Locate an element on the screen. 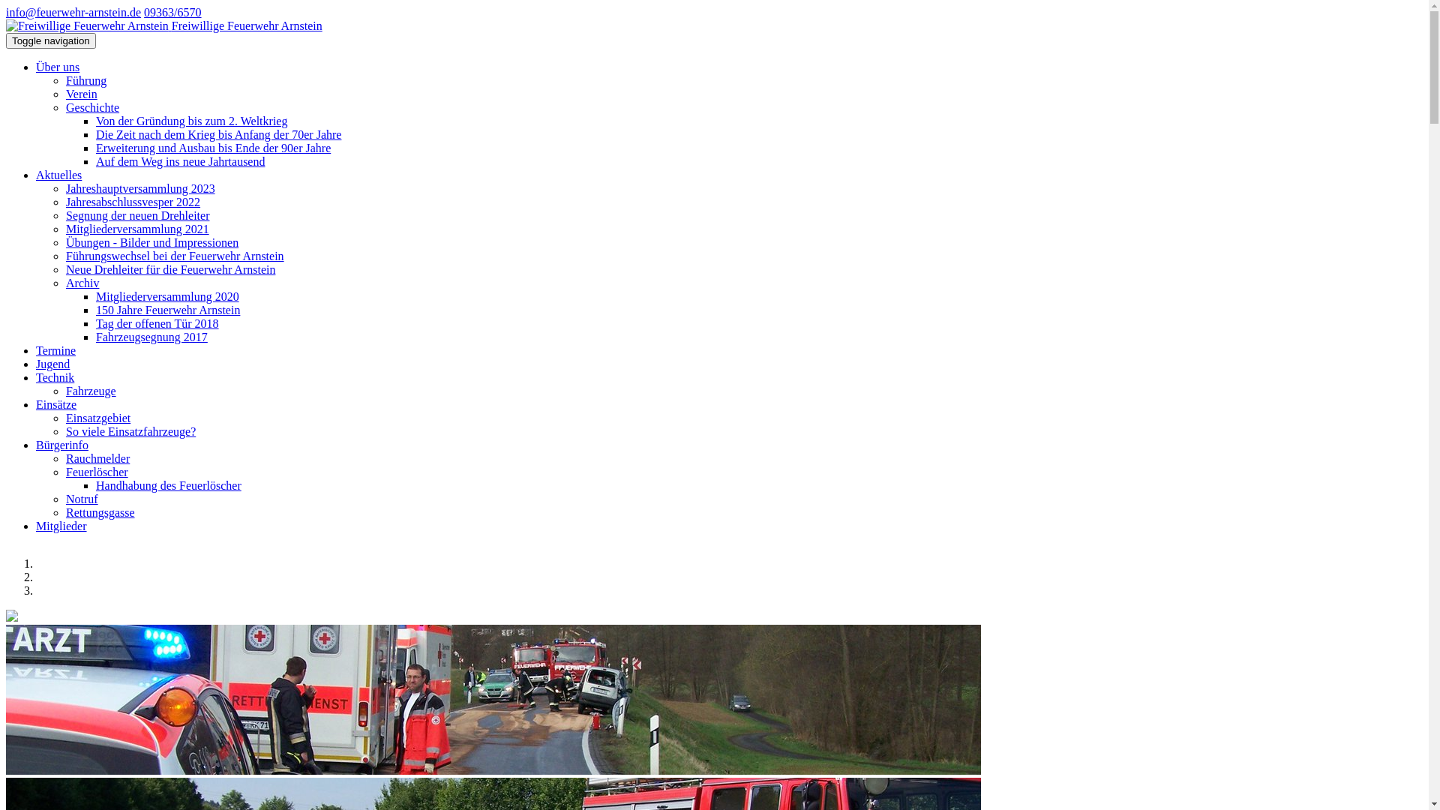 The height and width of the screenshot is (810, 1440). 'Jahreshauptversammlung 2023' is located at coordinates (140, 187).